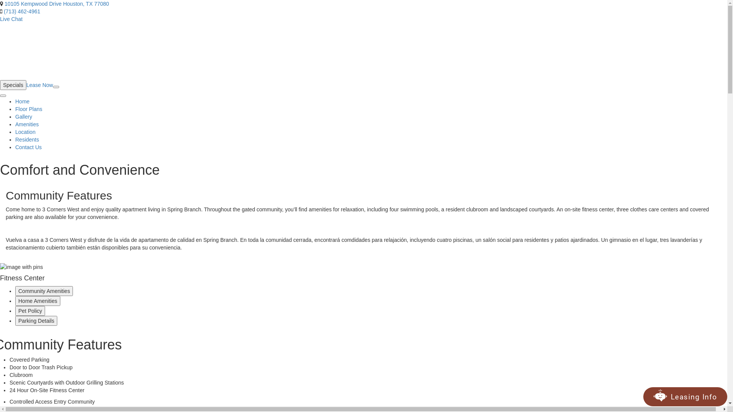  I want to click on 'Home', so click(22, 101).